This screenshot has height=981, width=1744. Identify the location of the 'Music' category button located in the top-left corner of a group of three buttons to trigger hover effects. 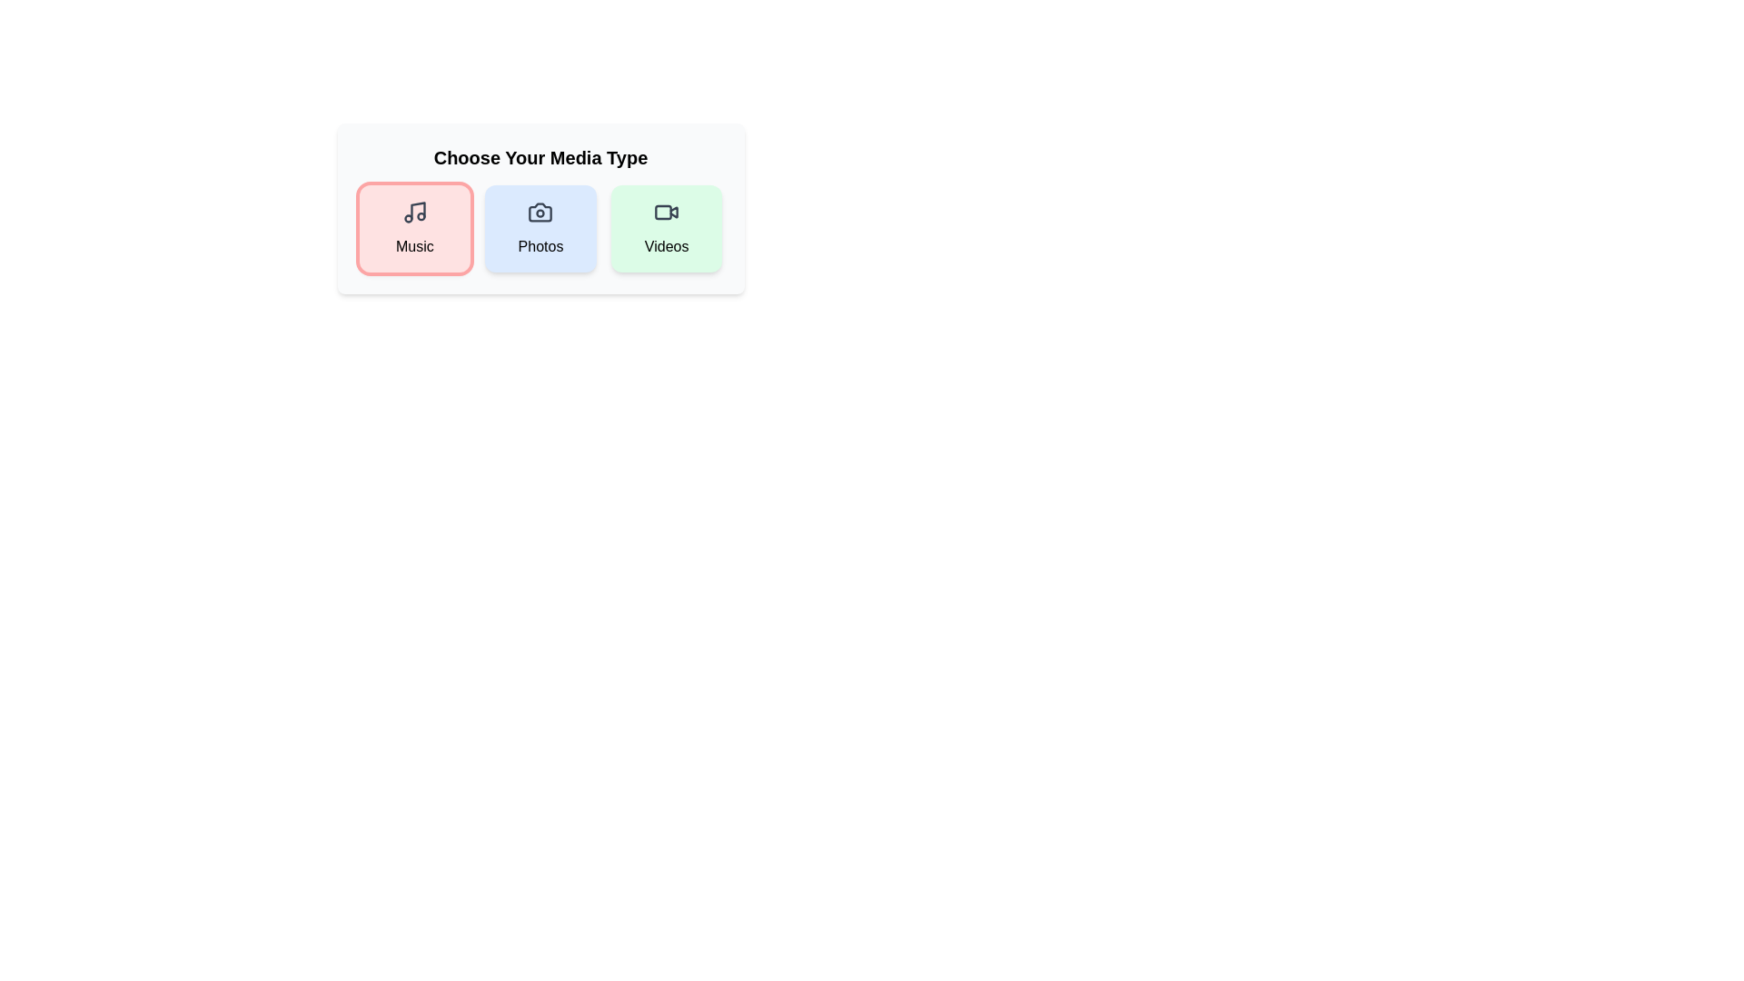
(413, 227).